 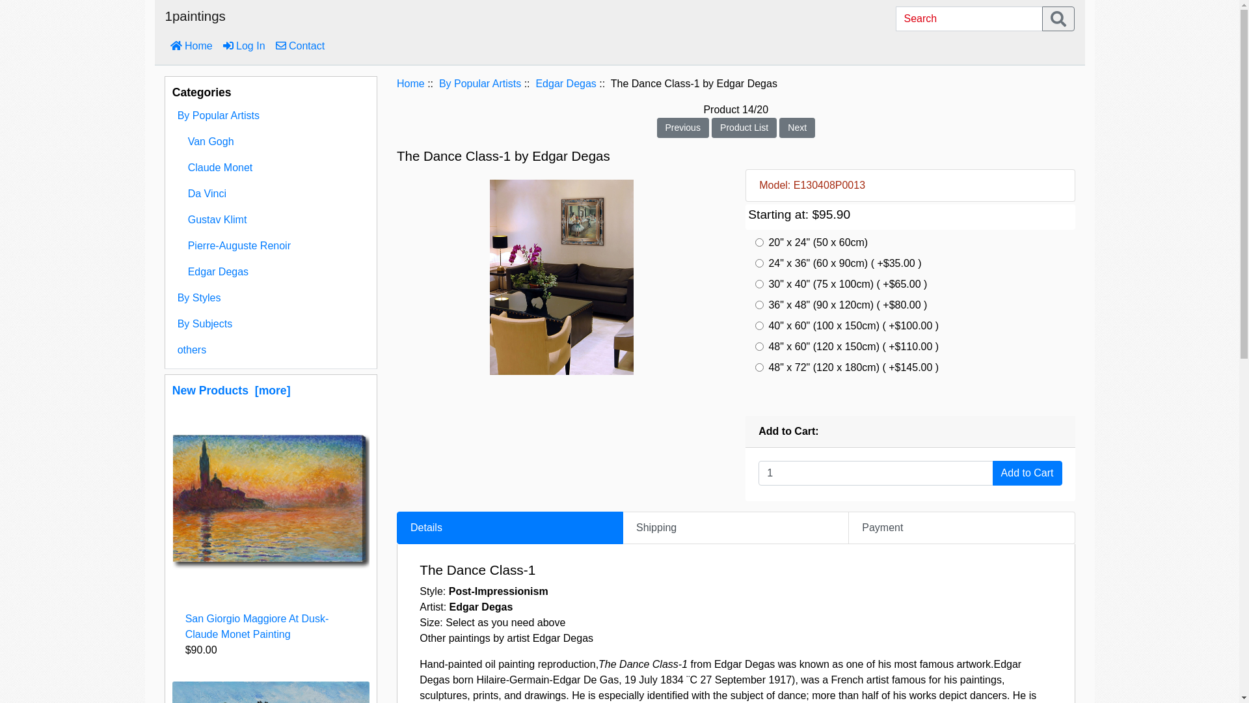 What do you see at coordinates (270, 271) in the screenshot?
I see `'Edgar Degas'` at bounding box center [270, 271].